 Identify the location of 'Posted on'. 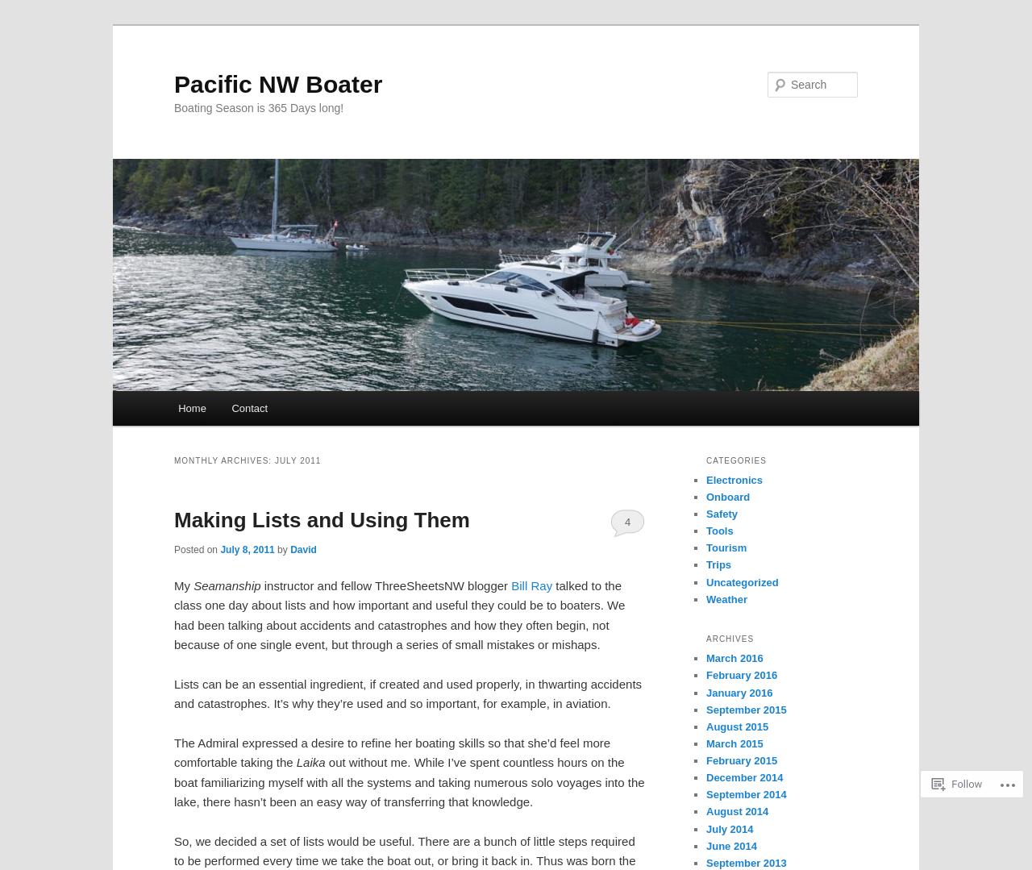
(196, 548).